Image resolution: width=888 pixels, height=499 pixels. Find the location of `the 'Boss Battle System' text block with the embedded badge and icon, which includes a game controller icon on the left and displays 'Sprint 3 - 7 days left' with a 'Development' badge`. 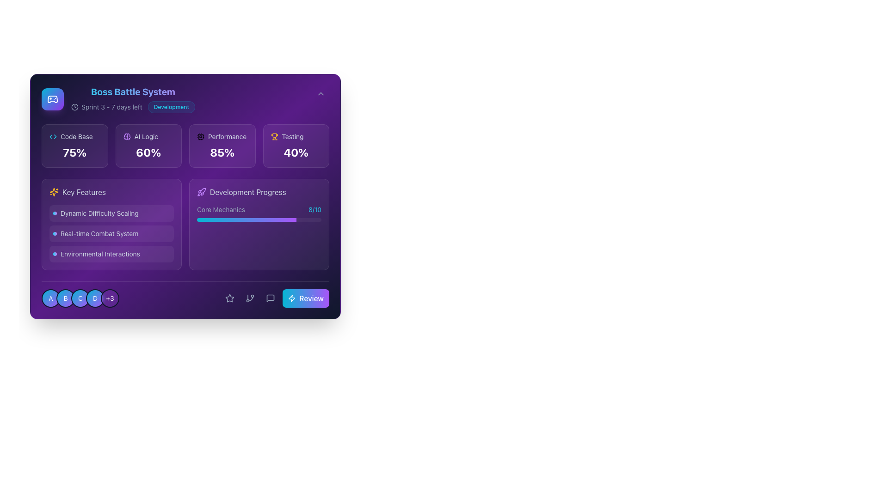

the 'Boss Battle System' text block with the embedded badge and icon, which includes a game controller icon on the left and displays 'Sprint 3 - 7 days left' with a 'Development' badge is located at coordinates (117, 99).